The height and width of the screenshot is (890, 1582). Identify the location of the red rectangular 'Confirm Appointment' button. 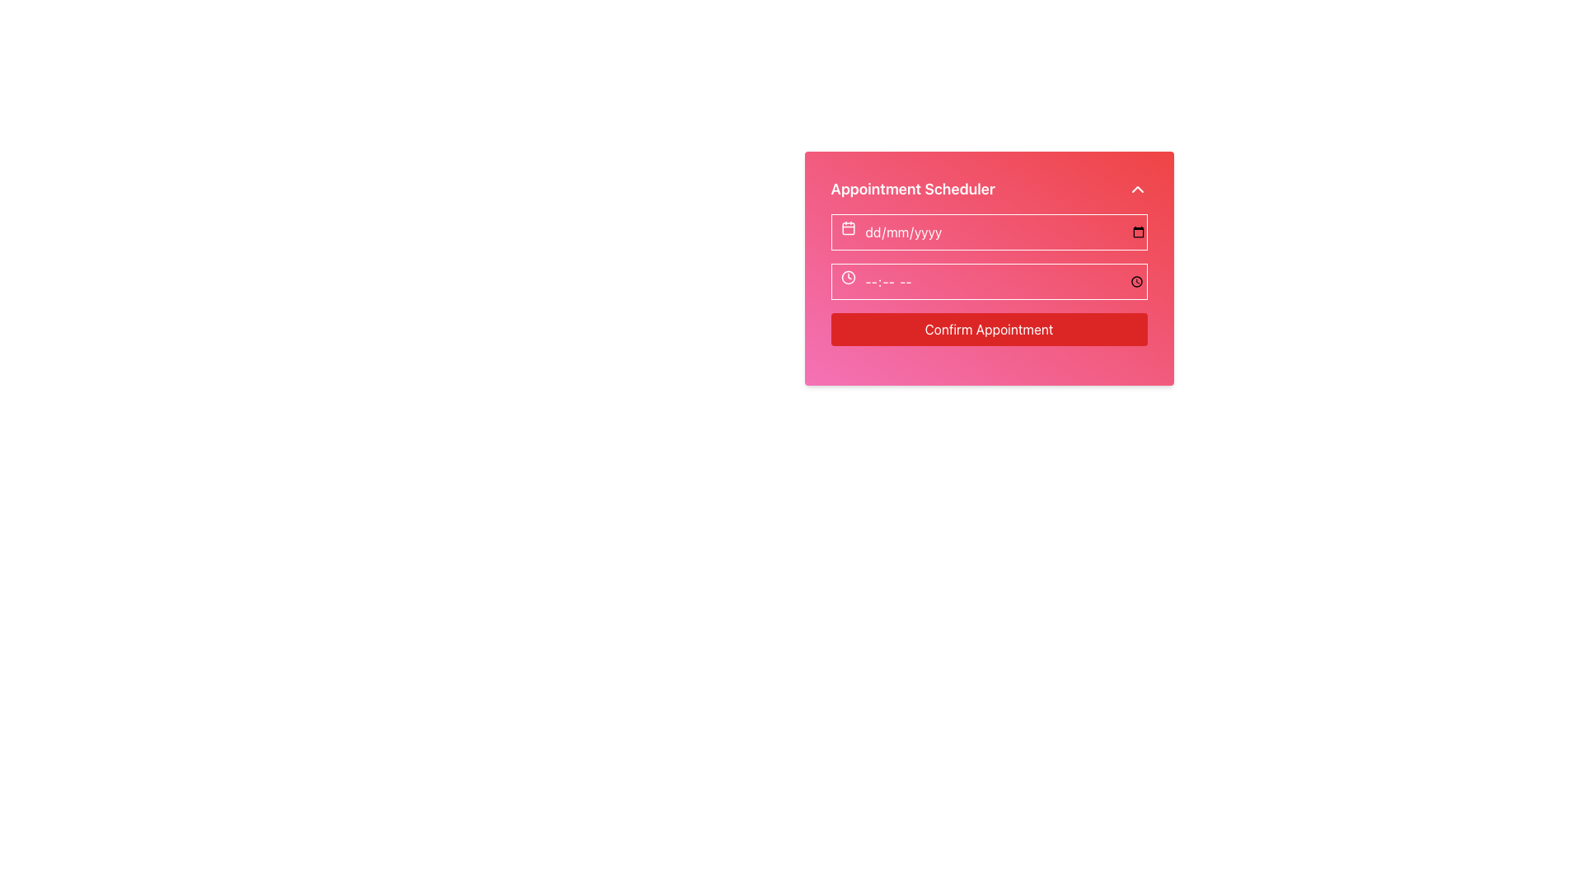
(989, 330).